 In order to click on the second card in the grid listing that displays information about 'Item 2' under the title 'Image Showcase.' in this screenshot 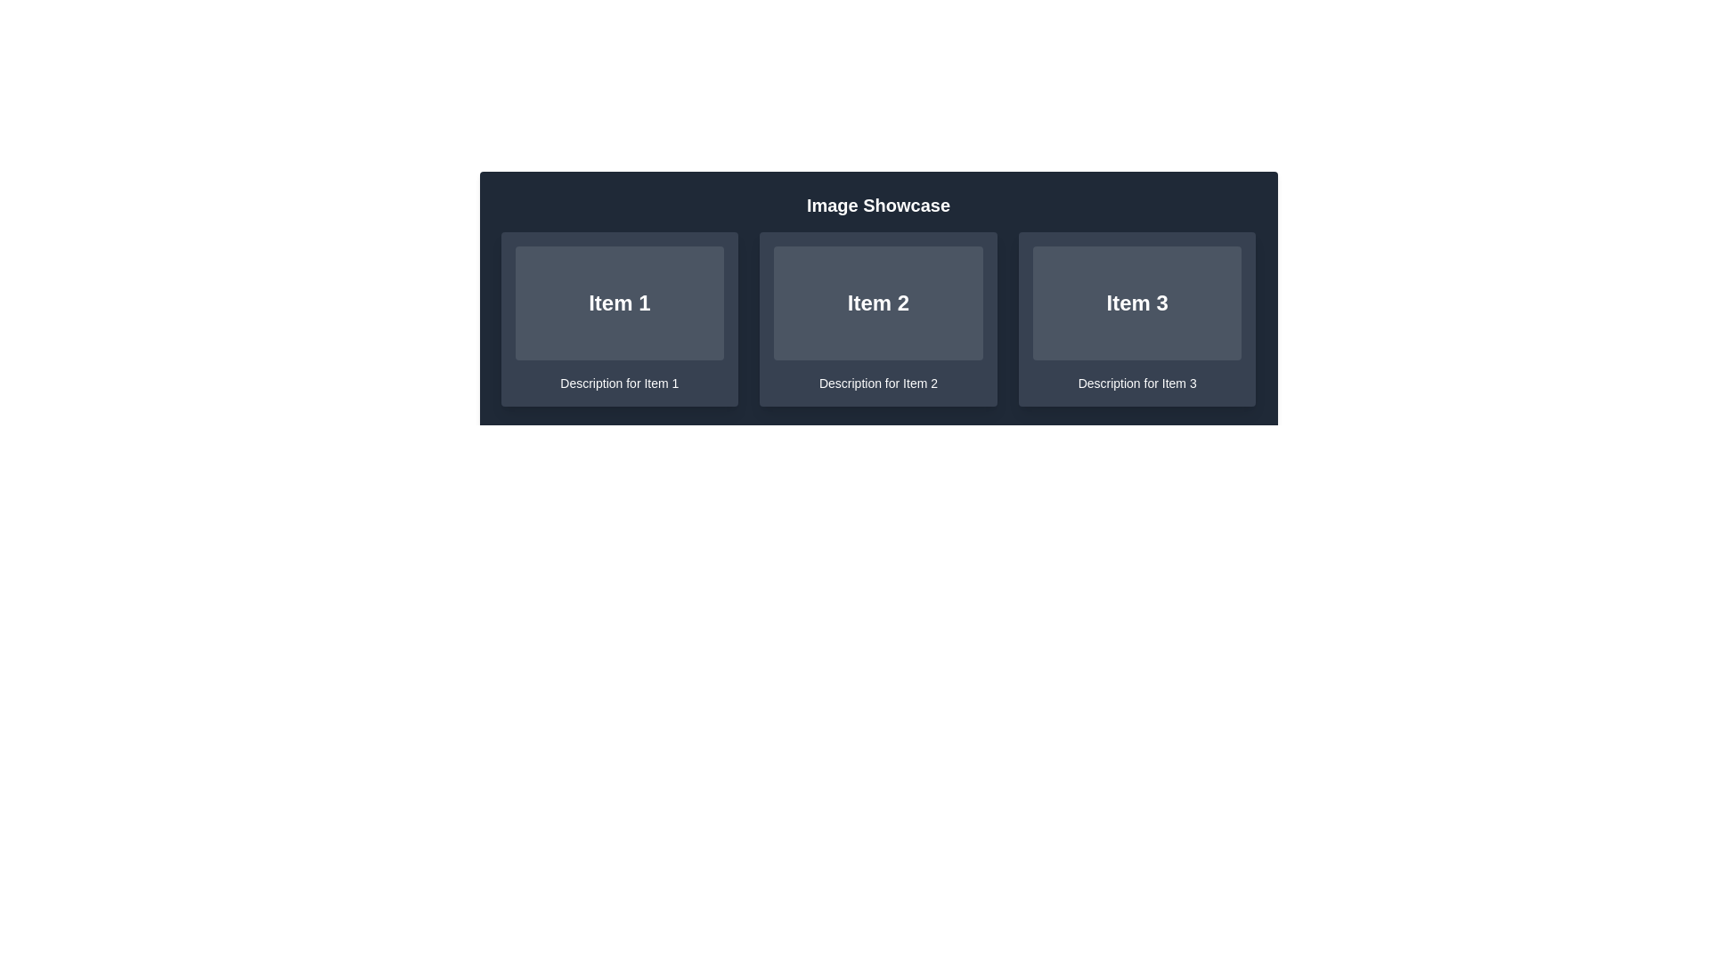, I will do `click(878, 318)`.